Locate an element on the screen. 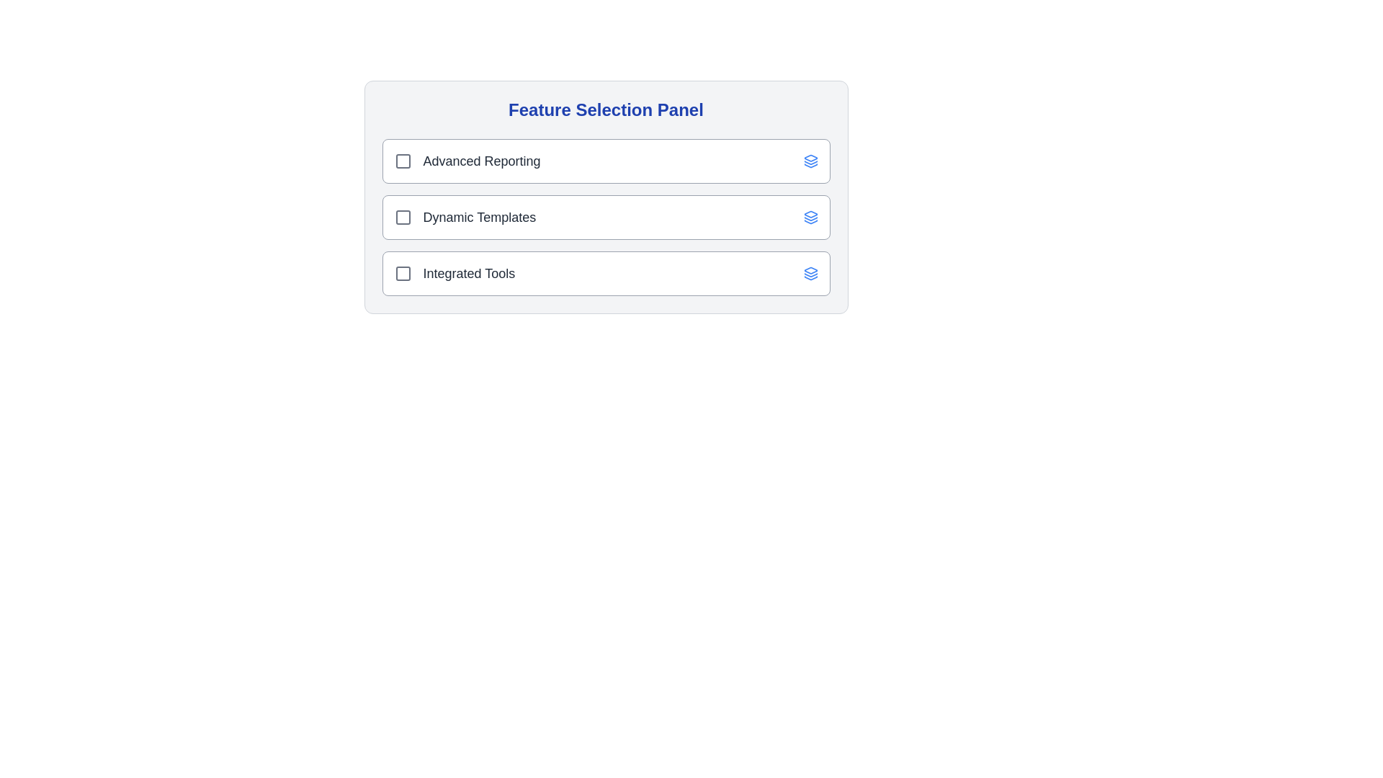  the 'Dynamic Templates' checkbox for keyboard navigation is located at coordinates (465, 217).